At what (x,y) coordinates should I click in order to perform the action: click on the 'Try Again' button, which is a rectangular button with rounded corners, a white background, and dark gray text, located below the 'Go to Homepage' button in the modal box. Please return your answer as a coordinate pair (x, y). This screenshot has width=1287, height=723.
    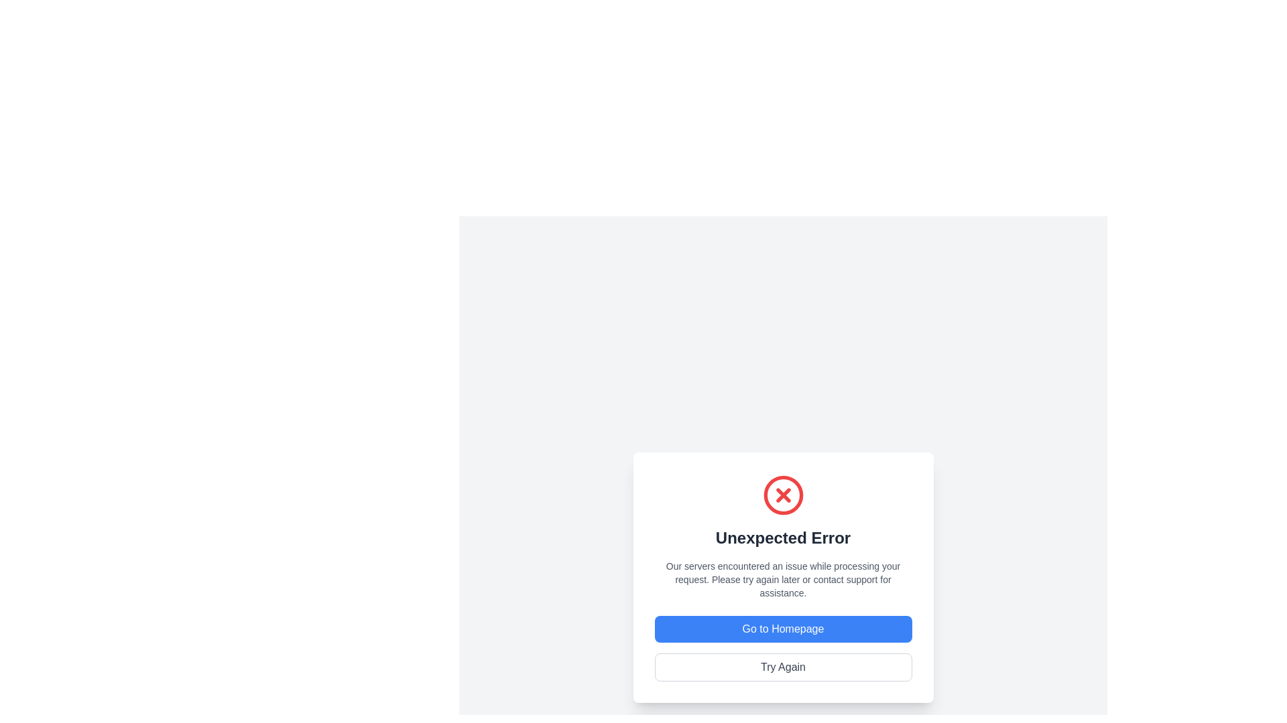
    Looking at the image, I should click on (783, 667).